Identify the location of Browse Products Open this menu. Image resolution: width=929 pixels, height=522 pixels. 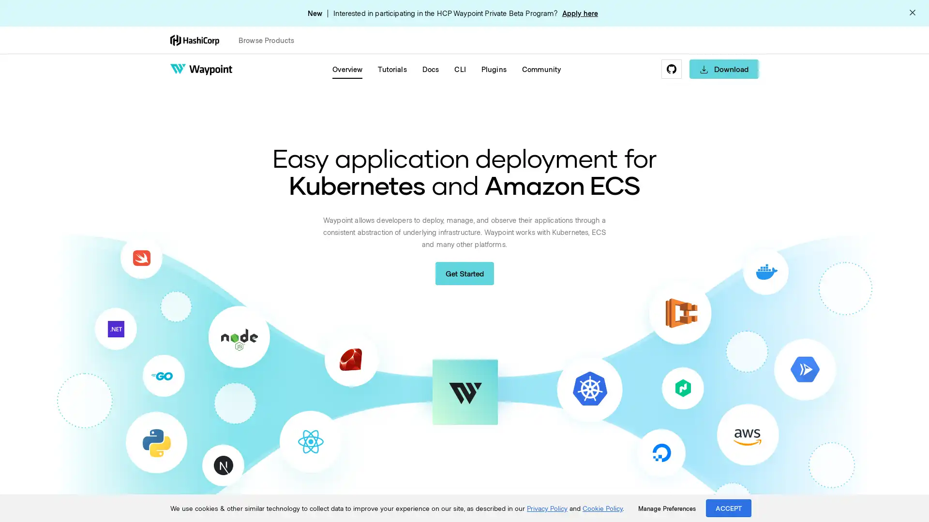
(270, 40).